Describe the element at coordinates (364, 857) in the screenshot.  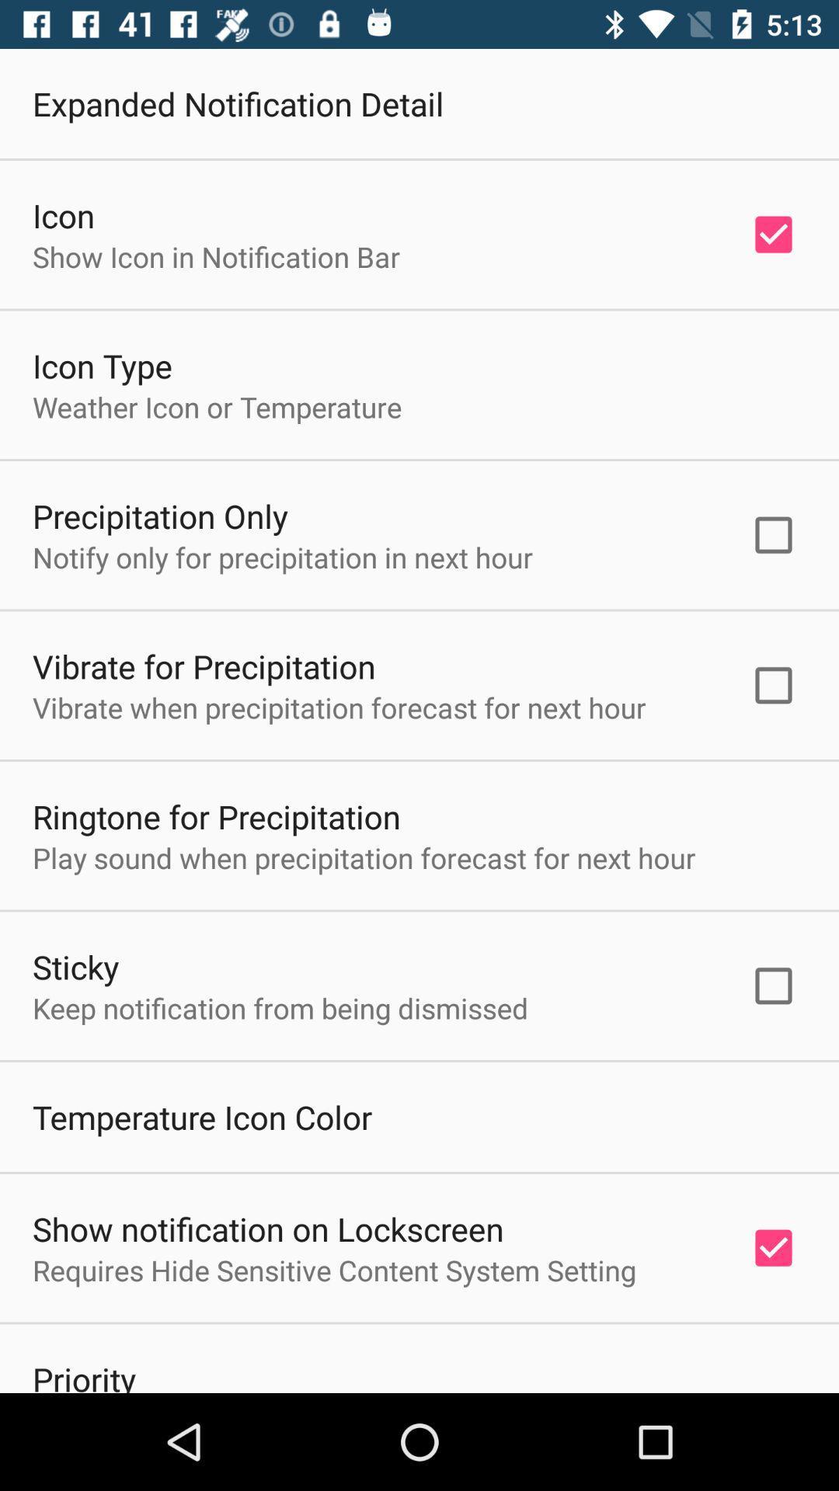
I see `the icon below the ringtone for precipitation item` at that location.